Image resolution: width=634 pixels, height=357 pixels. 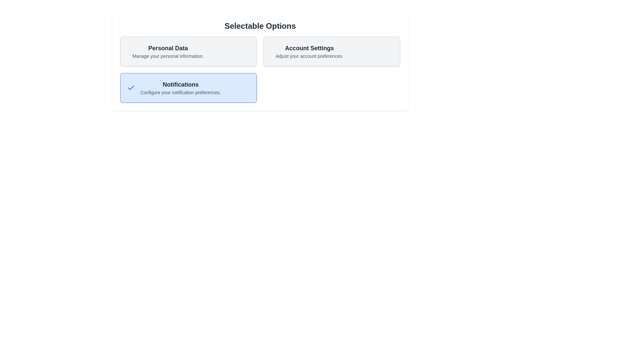 I want to click on the header text label for account configuration options, located near the top right of the interface above the text 'Adjust your account preferences', so click(x=309, y=48).